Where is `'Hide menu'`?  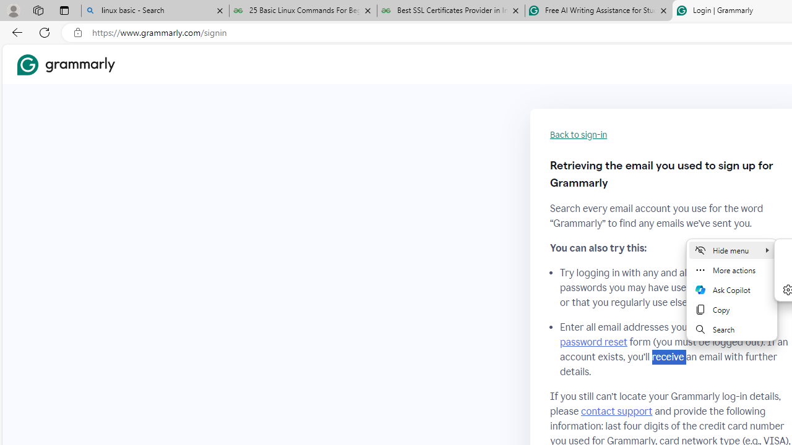 'Hide menu' is located at coordinates (731, 250).